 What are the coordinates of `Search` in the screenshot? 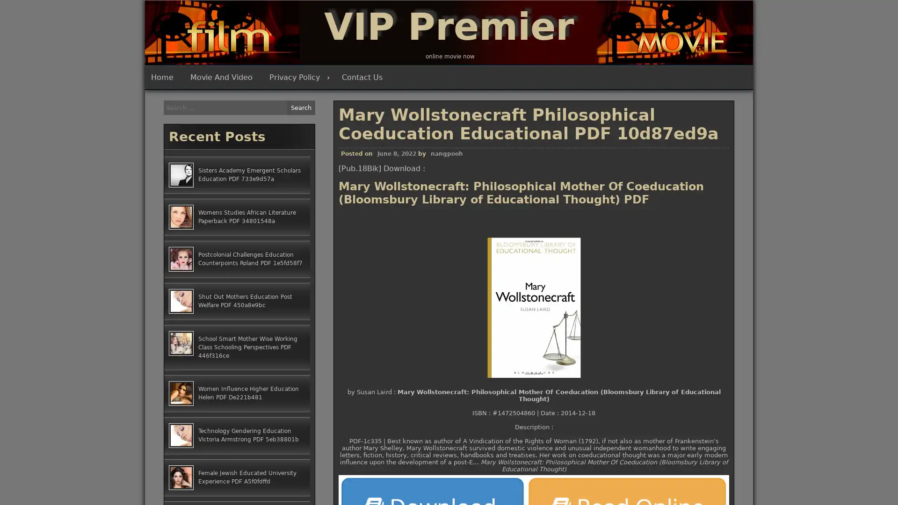 It's located at (301, 107).